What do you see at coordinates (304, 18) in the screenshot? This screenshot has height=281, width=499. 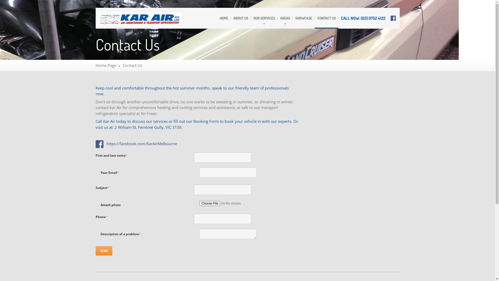 I see `'SHOWCASE'` at bounding box center [304, 18].